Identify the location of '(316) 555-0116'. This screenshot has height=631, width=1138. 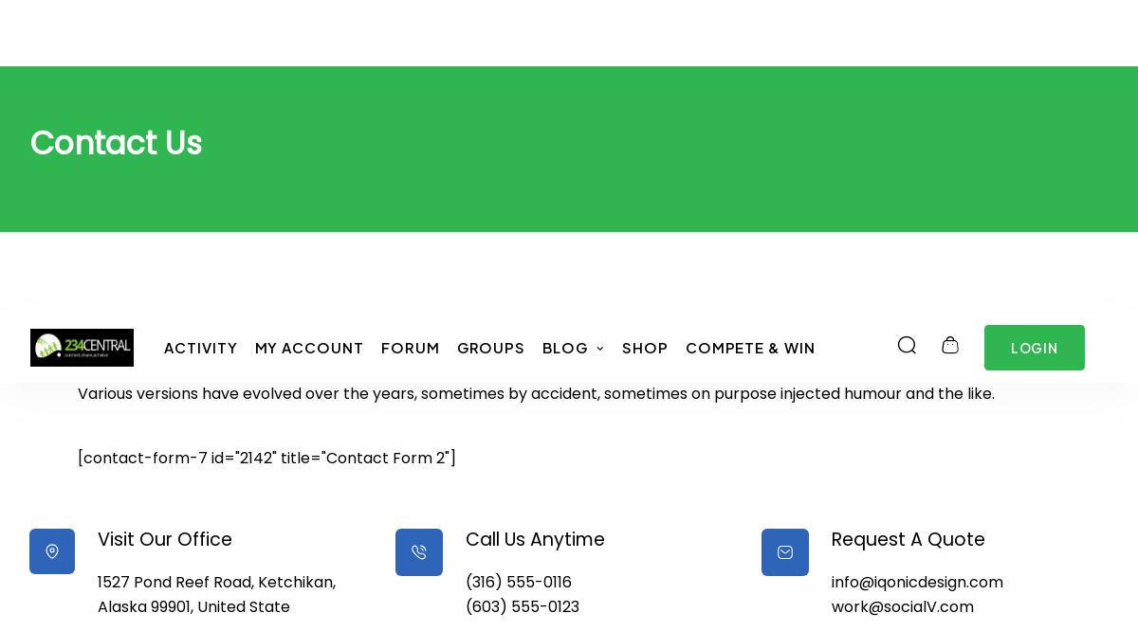
(517, 267).